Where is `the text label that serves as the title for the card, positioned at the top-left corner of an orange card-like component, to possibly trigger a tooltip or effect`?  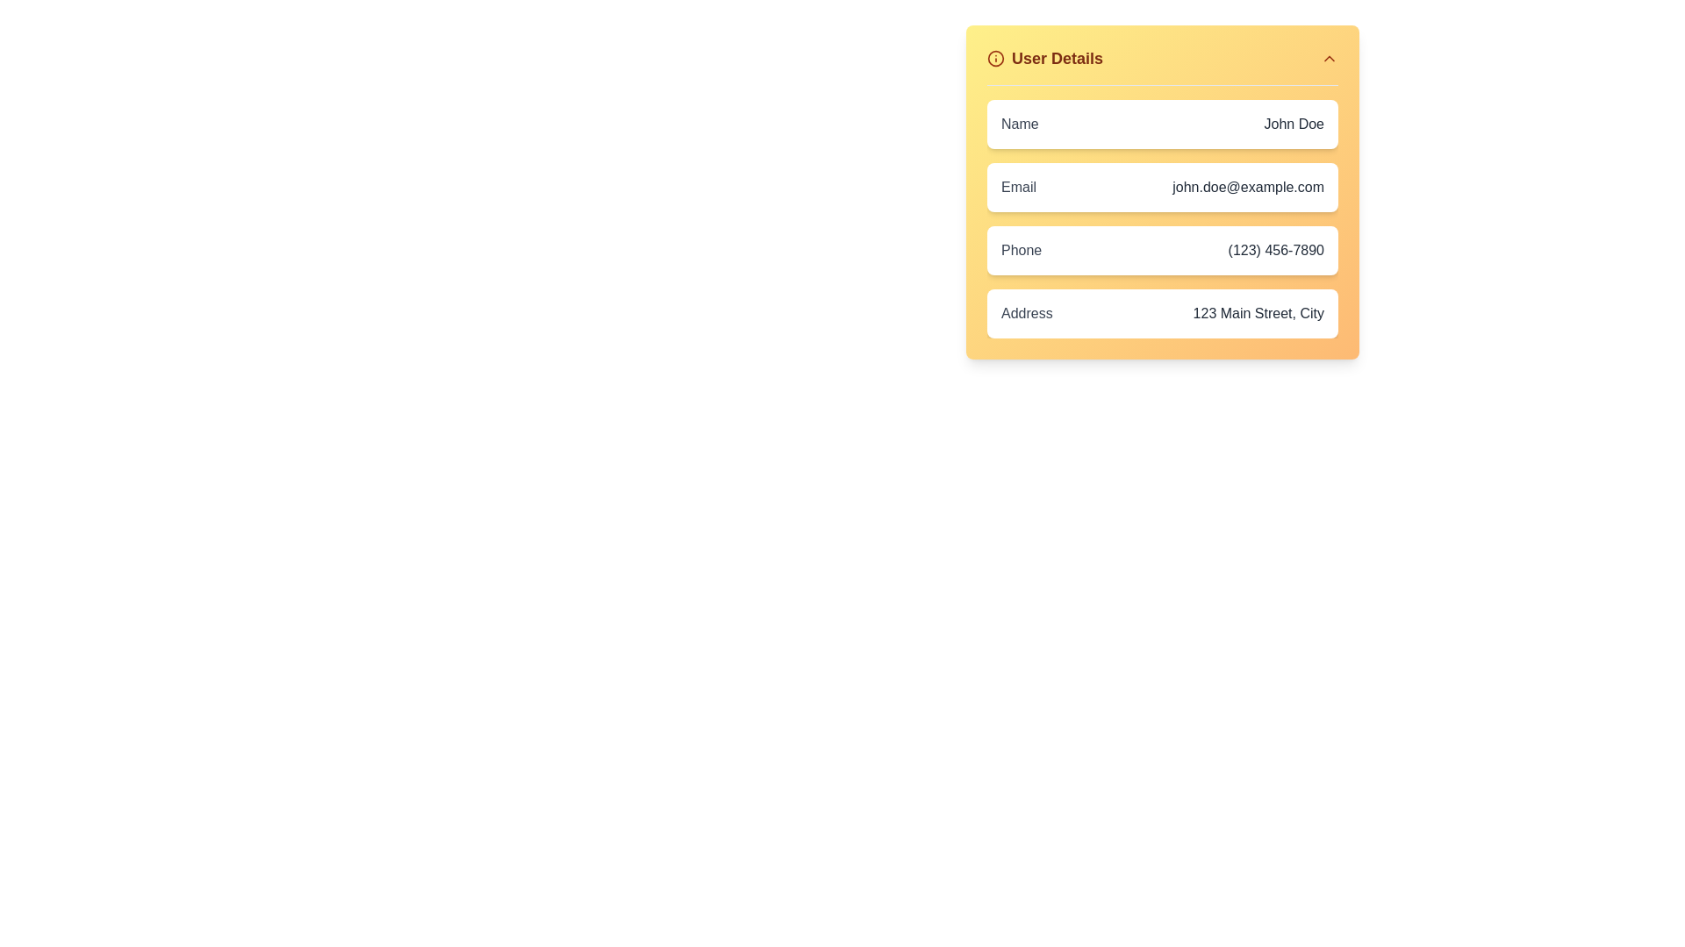 the text label that serves as the title for the card, positioned at the top-left corner of an orange card-like component, to possibly trigger a tooltip or effect is located at coordinates (1056, 57).